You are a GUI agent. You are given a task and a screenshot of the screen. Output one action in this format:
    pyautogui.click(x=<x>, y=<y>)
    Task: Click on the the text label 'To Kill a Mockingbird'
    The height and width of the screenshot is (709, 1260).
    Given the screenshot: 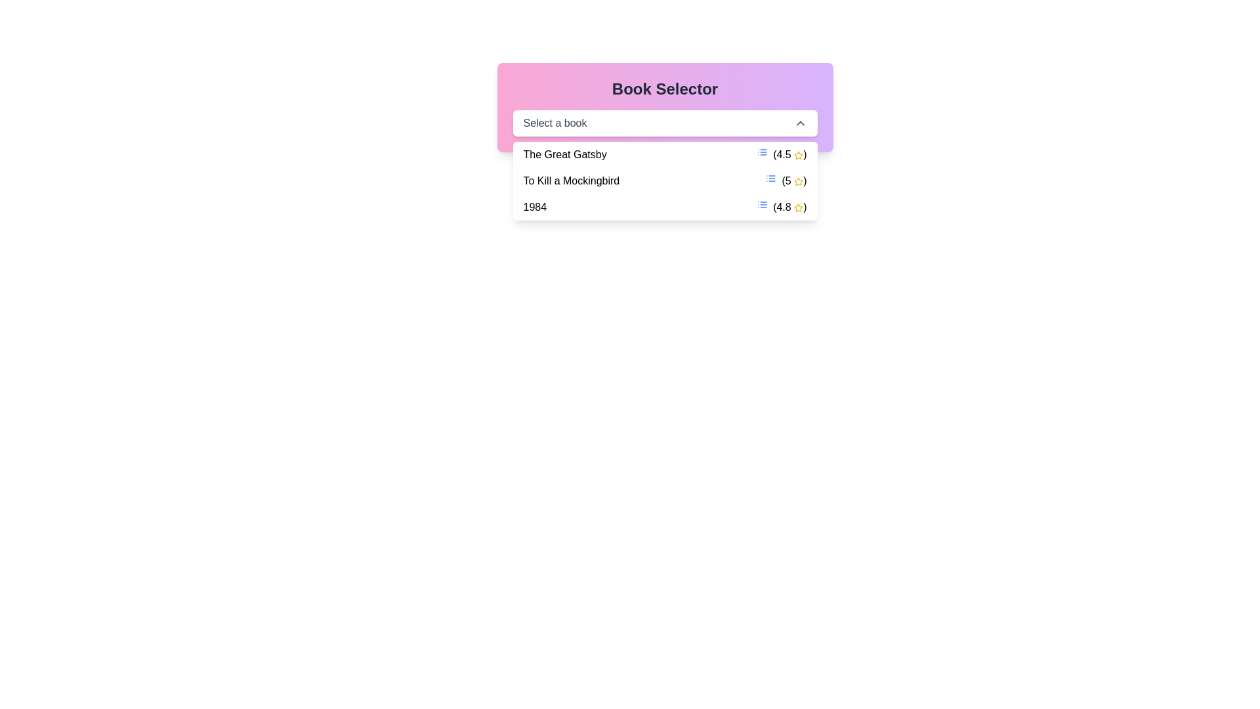 What is the action you would take?
    pyautogui.click(x=571, y=181)
    